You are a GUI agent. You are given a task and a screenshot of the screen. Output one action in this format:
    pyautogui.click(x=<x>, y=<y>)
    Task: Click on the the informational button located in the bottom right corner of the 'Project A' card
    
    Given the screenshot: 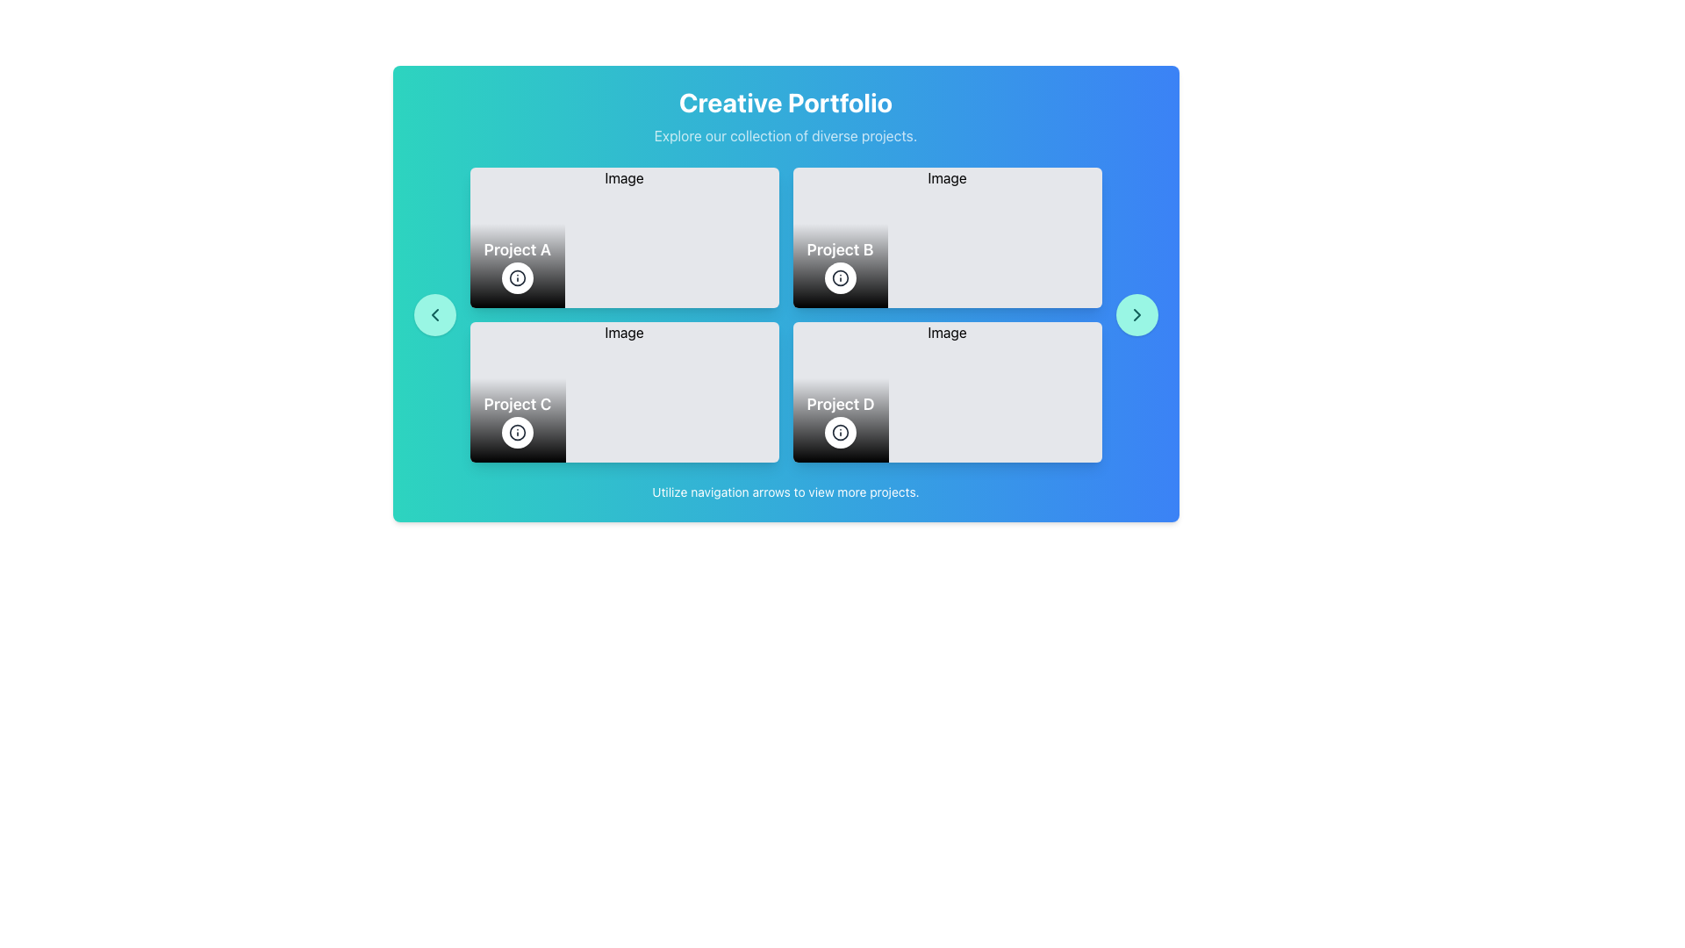 What is the action you would take?
    pyautogui.click(x=516, y=276)
    